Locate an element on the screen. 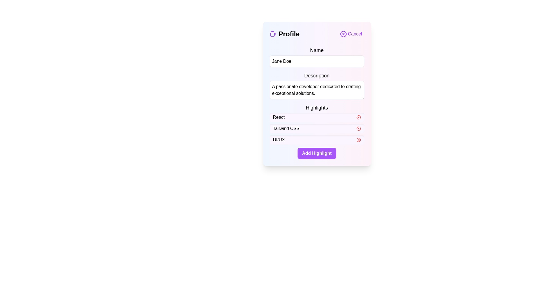 This screenshot has height=304, width=541. the small red circular button with a white cross symbol, which represents a deletion action, located to the right of the 'UI/UX' text in the highlights section of the form is located at coordinates (358, 140).